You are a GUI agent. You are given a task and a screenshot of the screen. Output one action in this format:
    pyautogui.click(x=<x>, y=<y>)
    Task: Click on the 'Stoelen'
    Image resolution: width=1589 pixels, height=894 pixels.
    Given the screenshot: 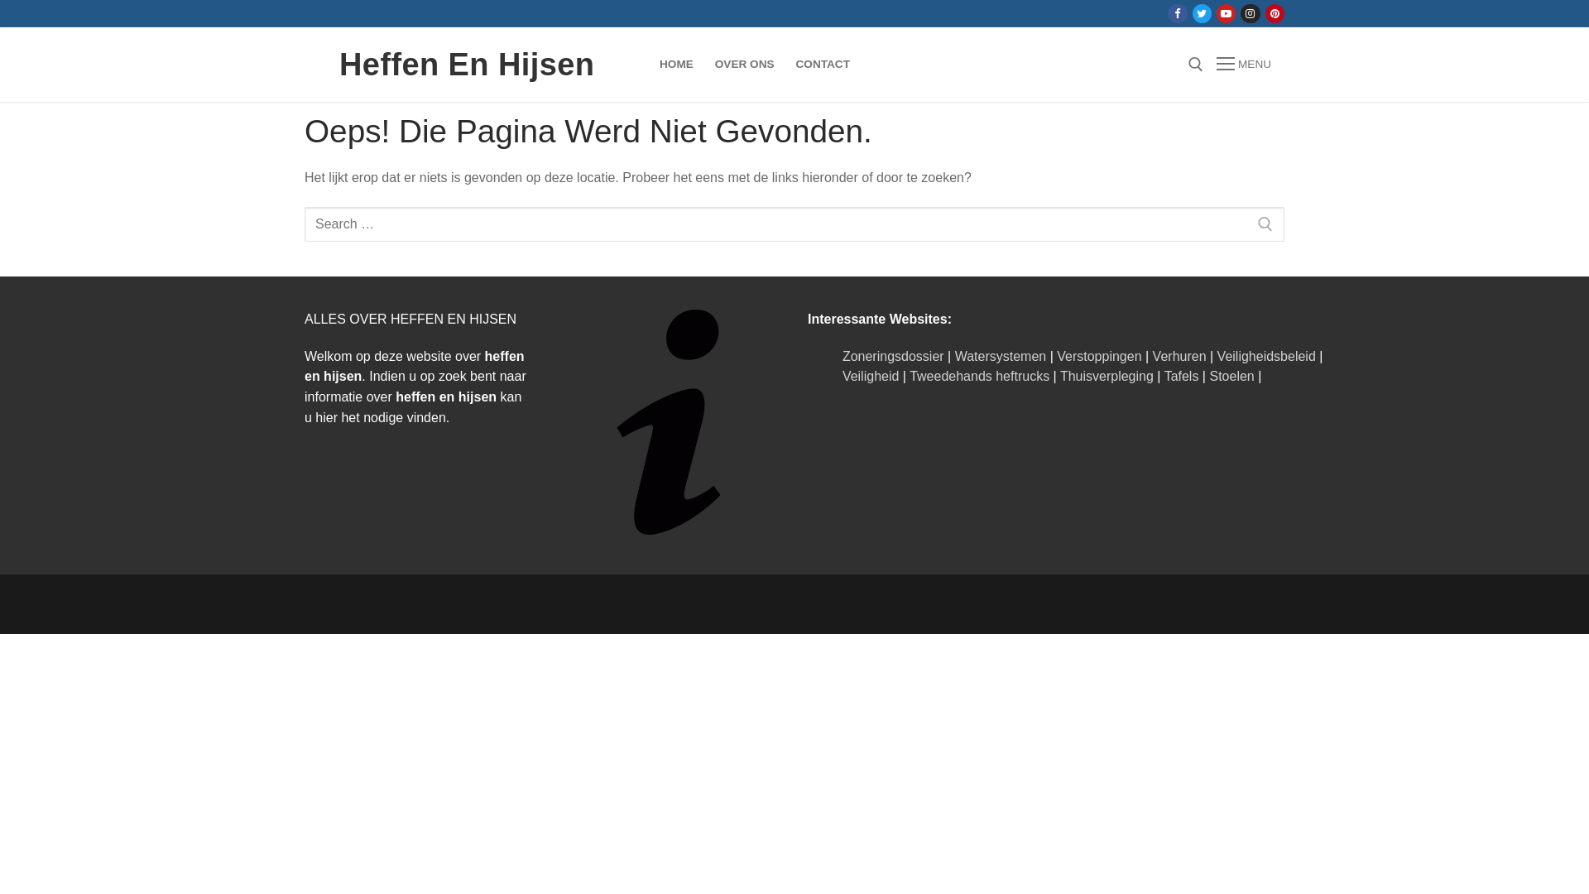 What is the action you would take?
    pyautogui.click(x=1231, y=376)
    